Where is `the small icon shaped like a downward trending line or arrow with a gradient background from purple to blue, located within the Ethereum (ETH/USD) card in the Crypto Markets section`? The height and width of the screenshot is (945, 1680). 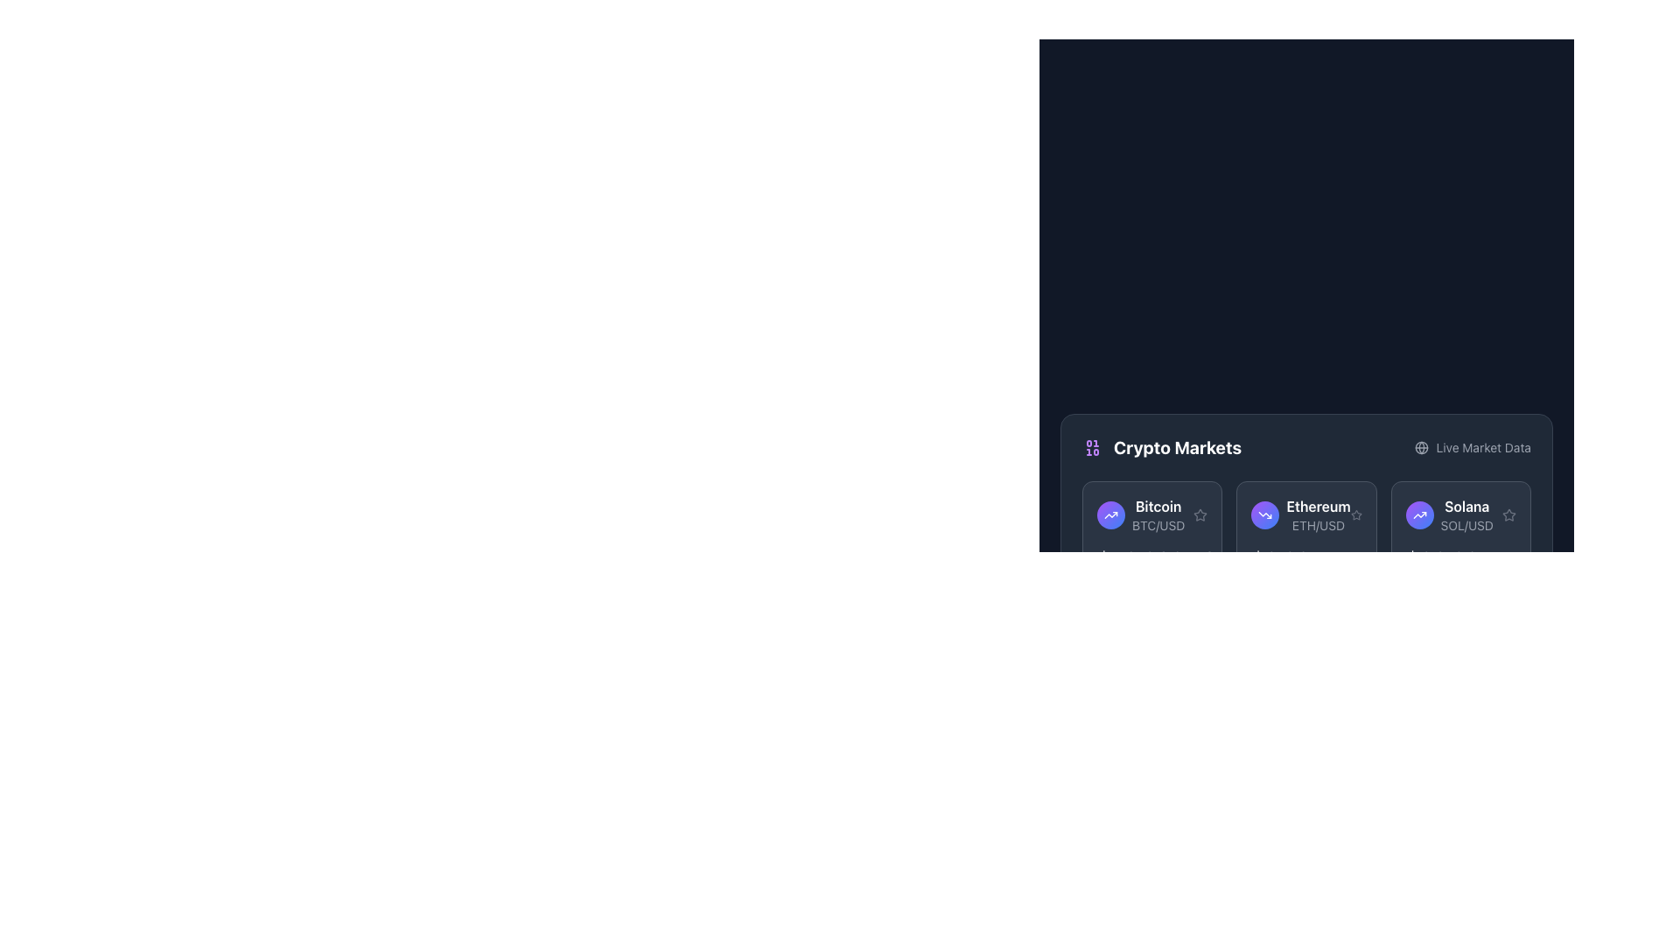
the small icon shaped like a downward trending line or arrow with a gradient background from purple to blue, located within the Ethereum (ETH/USD) card in the Crypto Markets section is located at coordinates (1265, 514).